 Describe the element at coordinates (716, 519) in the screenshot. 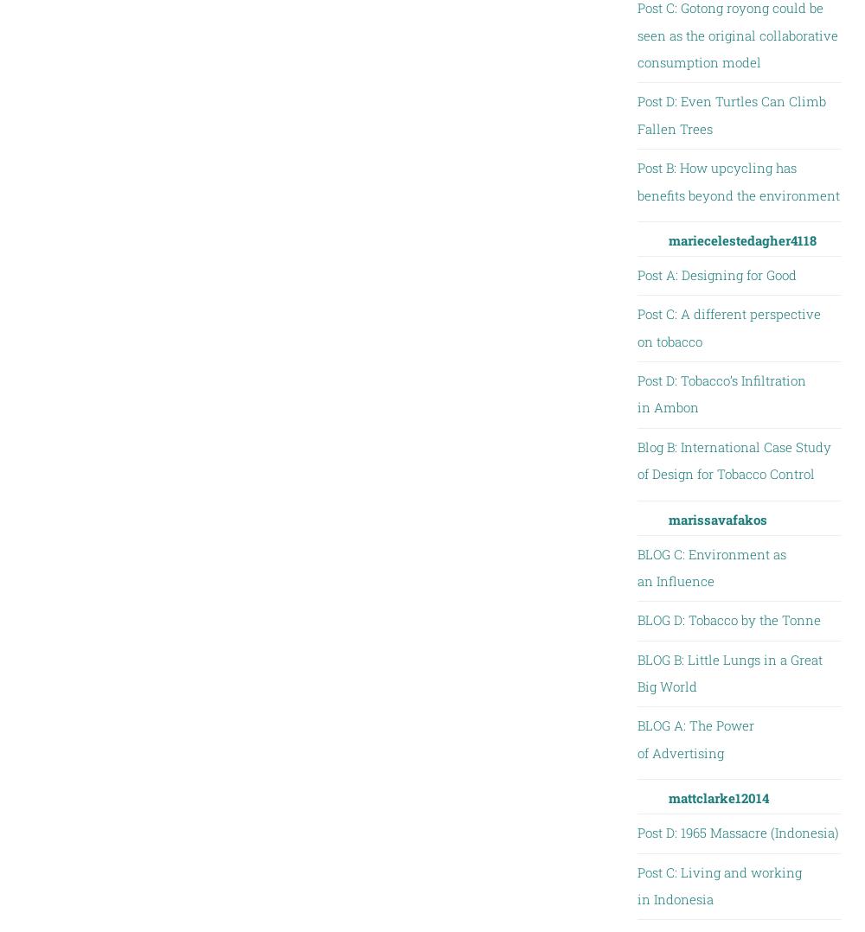

I see `'marissavafakos'` at that location.